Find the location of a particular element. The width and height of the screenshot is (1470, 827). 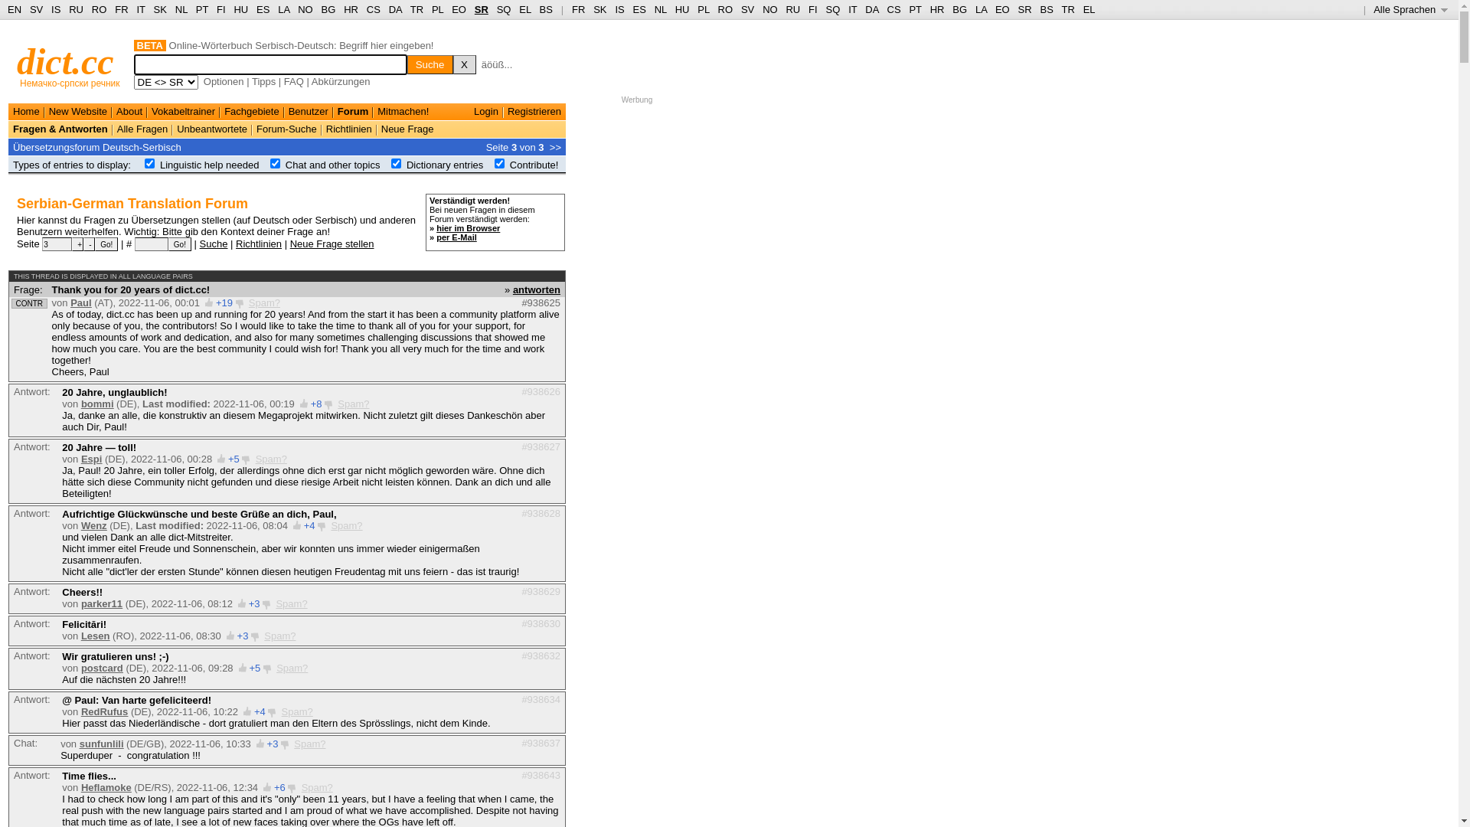

'BG' is located at coordinates (321, 9).